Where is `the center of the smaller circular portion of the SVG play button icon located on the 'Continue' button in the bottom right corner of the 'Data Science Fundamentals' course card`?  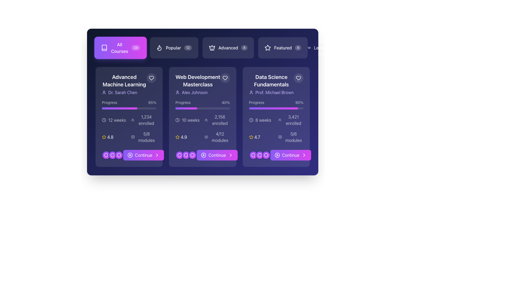 the center of the smaller circular portion of the SVG play button icon located on the 'Continue' button in the bottom right corner of the 'Data Science Fundamentals' course card is located at coordinates (277, 155).